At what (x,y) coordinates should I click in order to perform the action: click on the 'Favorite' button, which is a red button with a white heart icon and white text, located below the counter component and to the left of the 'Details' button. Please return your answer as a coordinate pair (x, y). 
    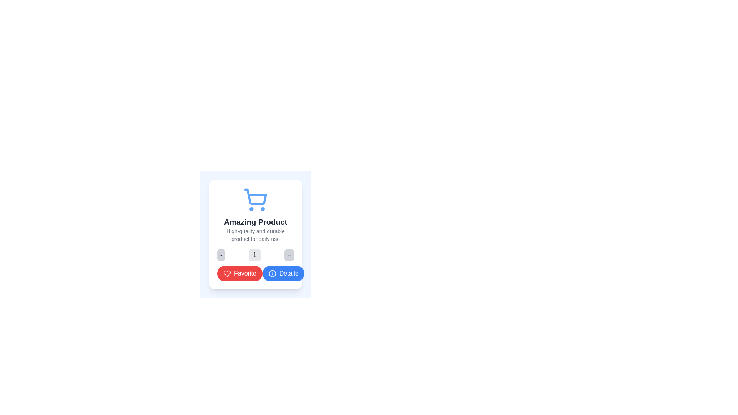
    Looking at the image, I should click on (256, 265).